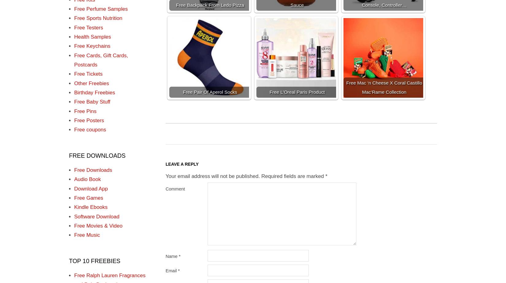 Image resolution: width=506 pixels, height=283 pixels. Describe the element at coordinates (74, 83) in the screenshot. I see `'Other Freebies'` at that location.